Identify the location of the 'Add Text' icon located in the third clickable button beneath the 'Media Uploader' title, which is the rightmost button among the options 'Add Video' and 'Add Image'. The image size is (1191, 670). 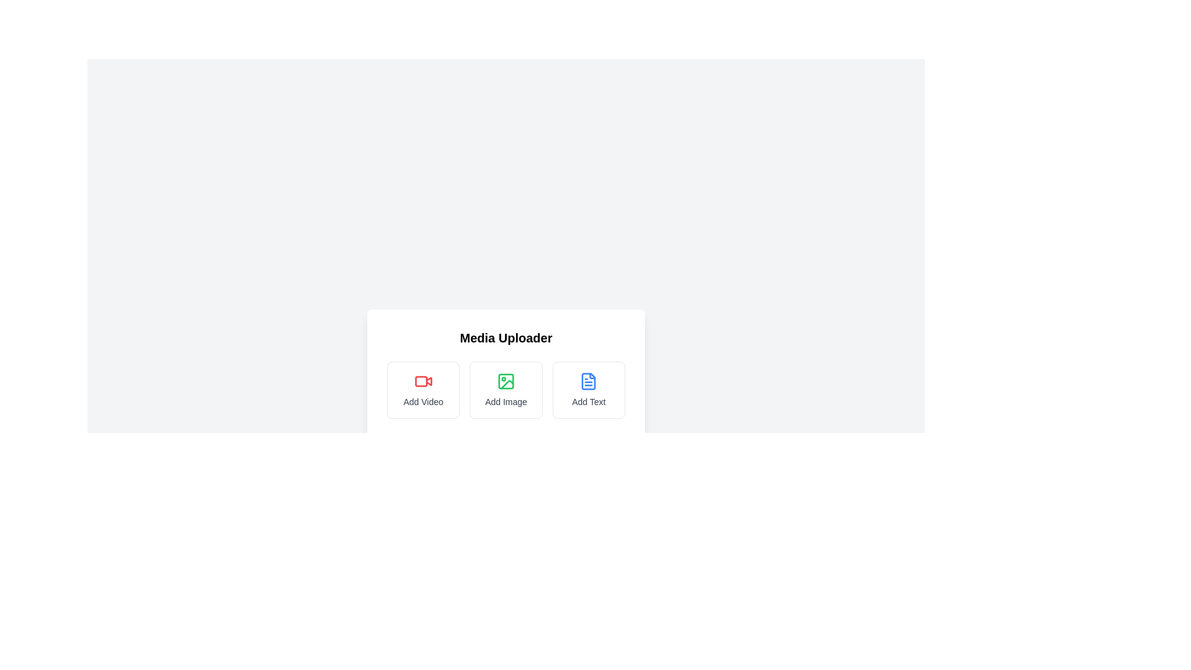
(588, 380).